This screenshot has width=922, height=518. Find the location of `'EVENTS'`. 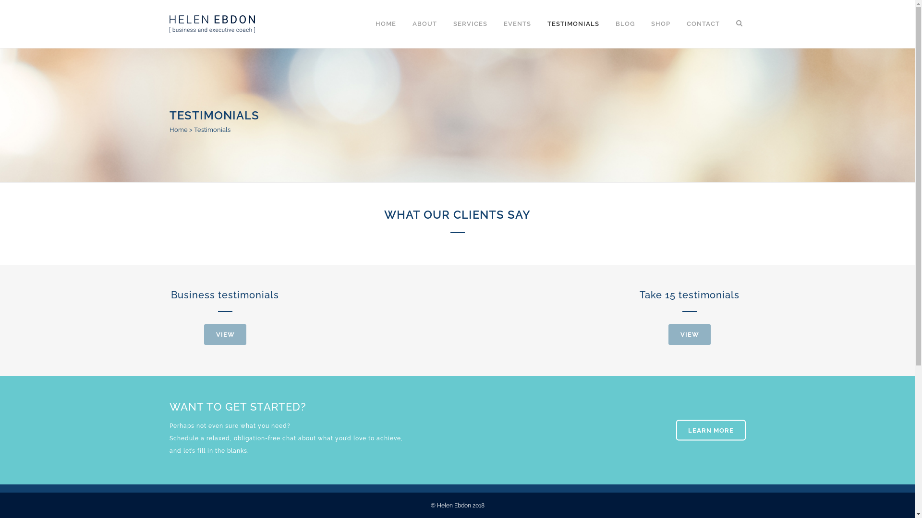

'EVENTS' is located at coordinates (517, 24).